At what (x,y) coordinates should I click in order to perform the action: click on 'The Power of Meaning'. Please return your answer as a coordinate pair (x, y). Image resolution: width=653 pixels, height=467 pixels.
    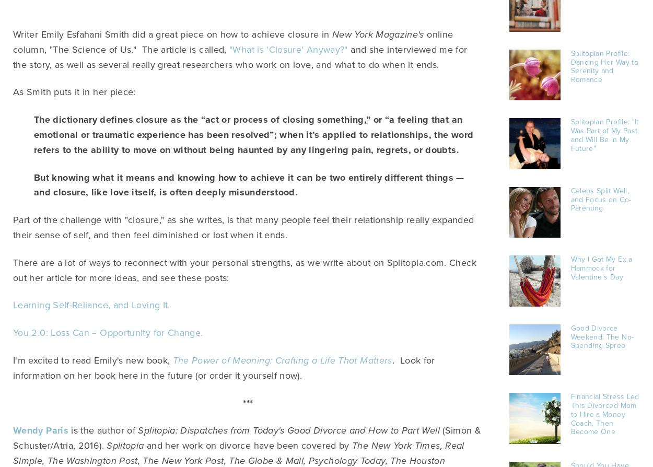
    Looking at the image, I should click on (221, 359).